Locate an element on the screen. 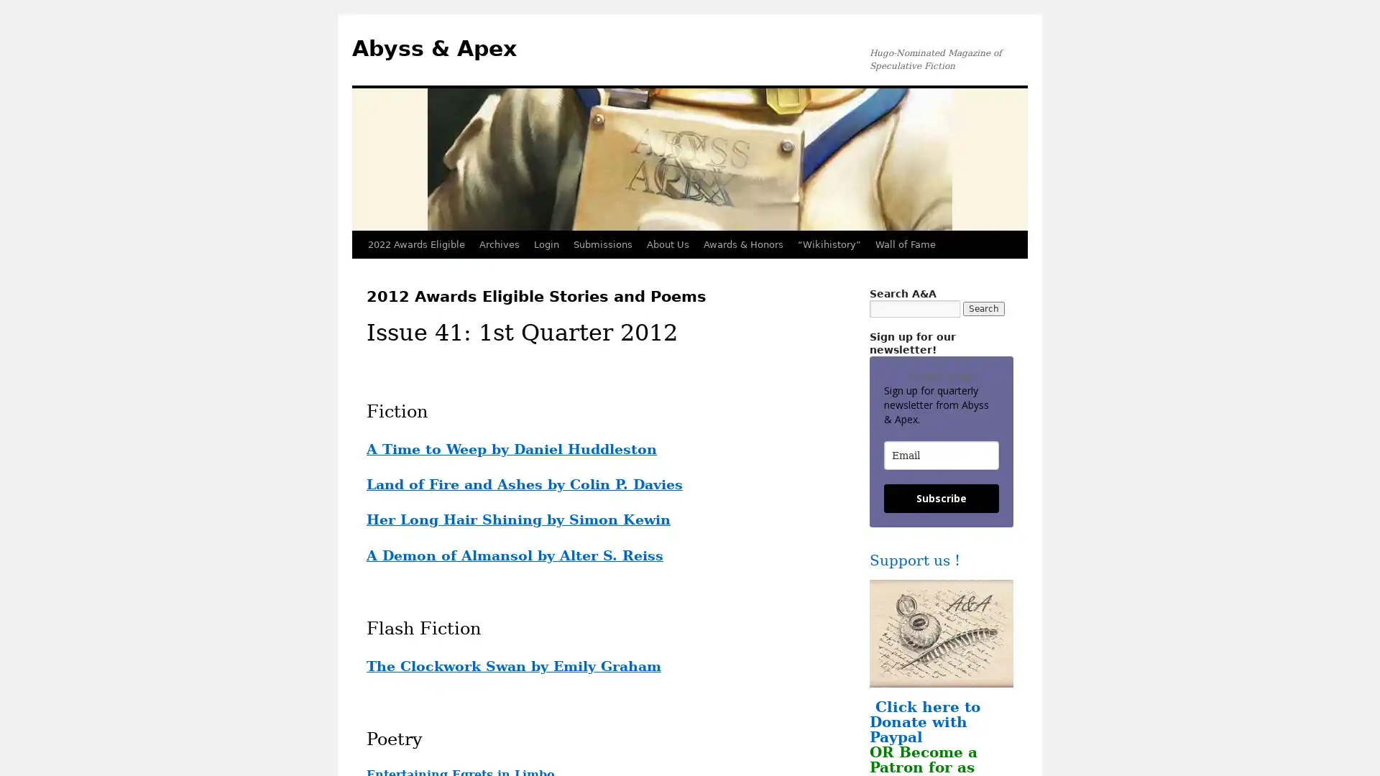  Subscribe is located at coordinates (942, 498).